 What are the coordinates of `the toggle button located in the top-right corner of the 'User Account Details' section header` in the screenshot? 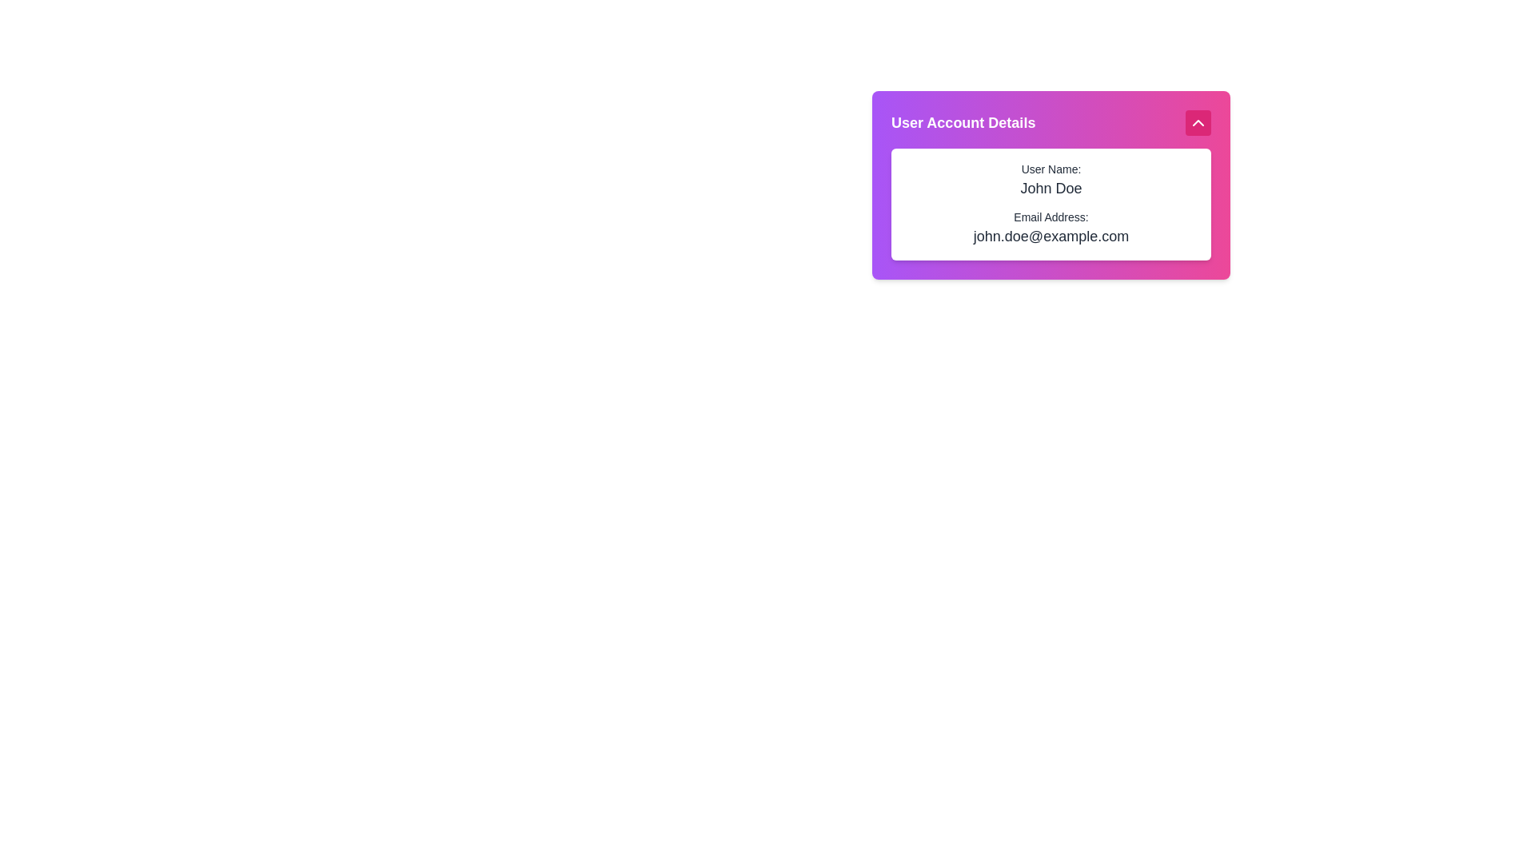 It's located at (1198, 122).